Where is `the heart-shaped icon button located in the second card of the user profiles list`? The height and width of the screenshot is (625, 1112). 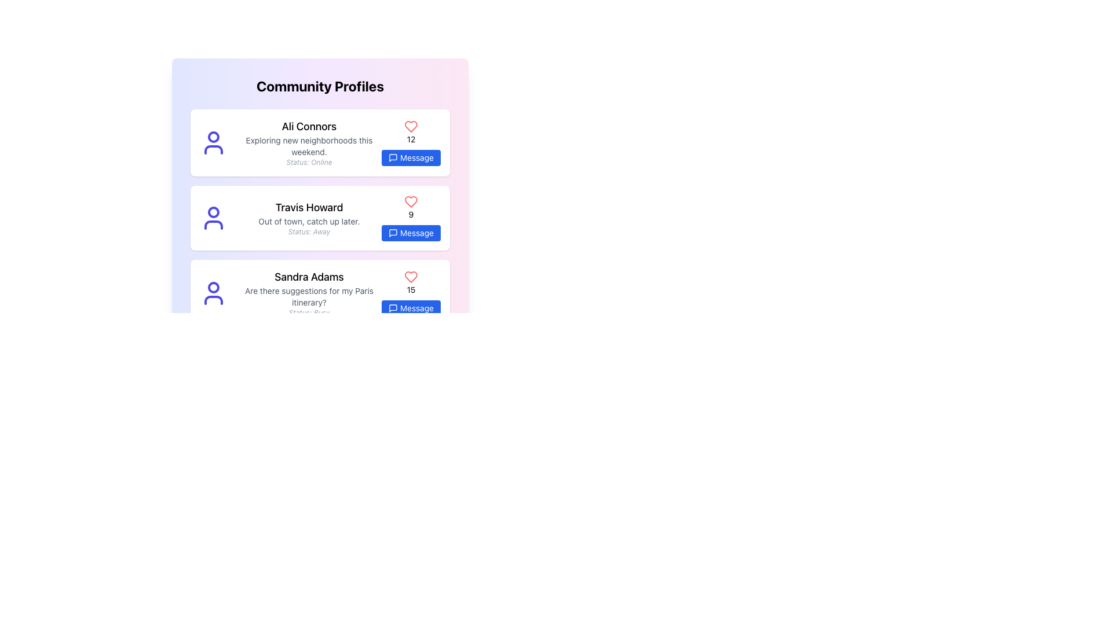 the heart-shaped icon button located in the second card of the user profiles list is located at coordinates (411, 201).